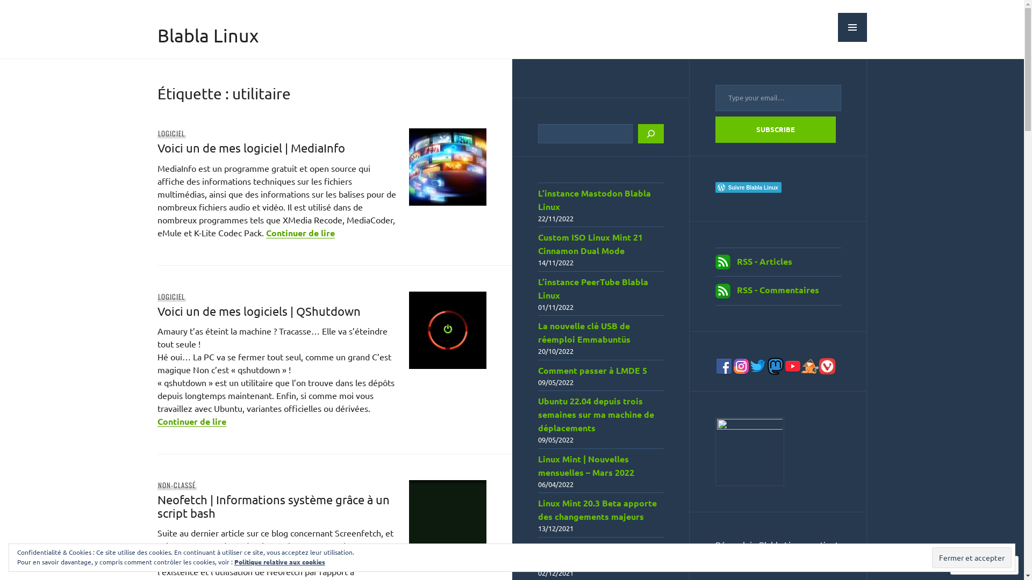 The width and height of the screenshot is (1032, 580). What do you see at coordinates (777, 289) in the screenshot?
I see `'RSS - Commentaires'` at bounding box center [777, 289].